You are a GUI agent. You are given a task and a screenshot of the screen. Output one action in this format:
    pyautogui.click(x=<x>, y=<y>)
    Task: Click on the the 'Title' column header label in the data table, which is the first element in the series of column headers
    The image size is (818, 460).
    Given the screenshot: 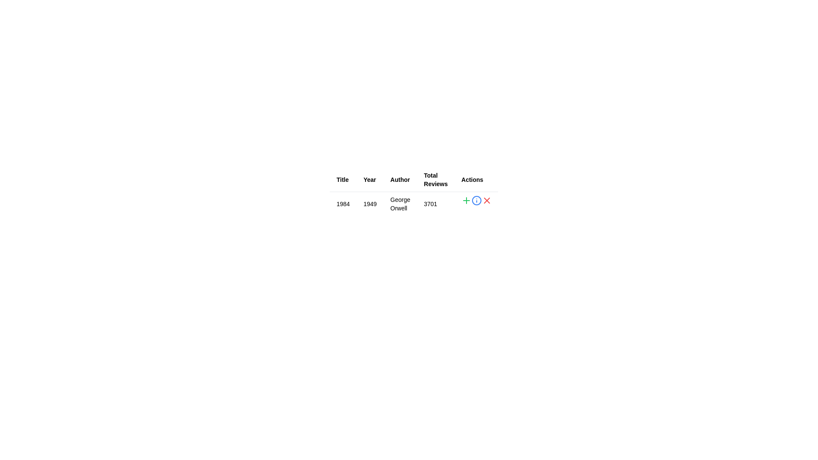 What is the action you would take?
    pyautogui.click(x=343, y=179)
    